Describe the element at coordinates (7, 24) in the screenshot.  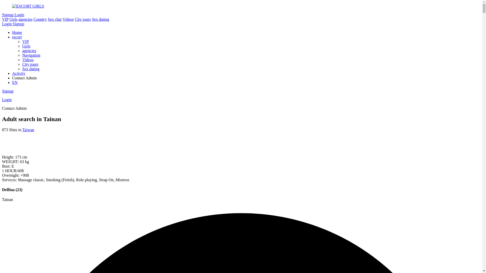
I see `'Login'` at that location.